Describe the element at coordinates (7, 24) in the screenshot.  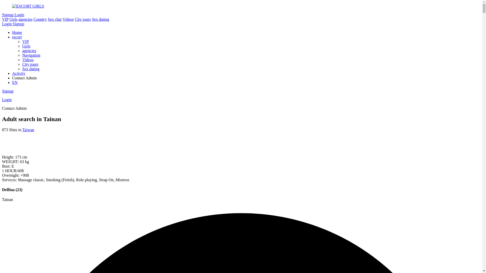
I see `'Login'` at that location.